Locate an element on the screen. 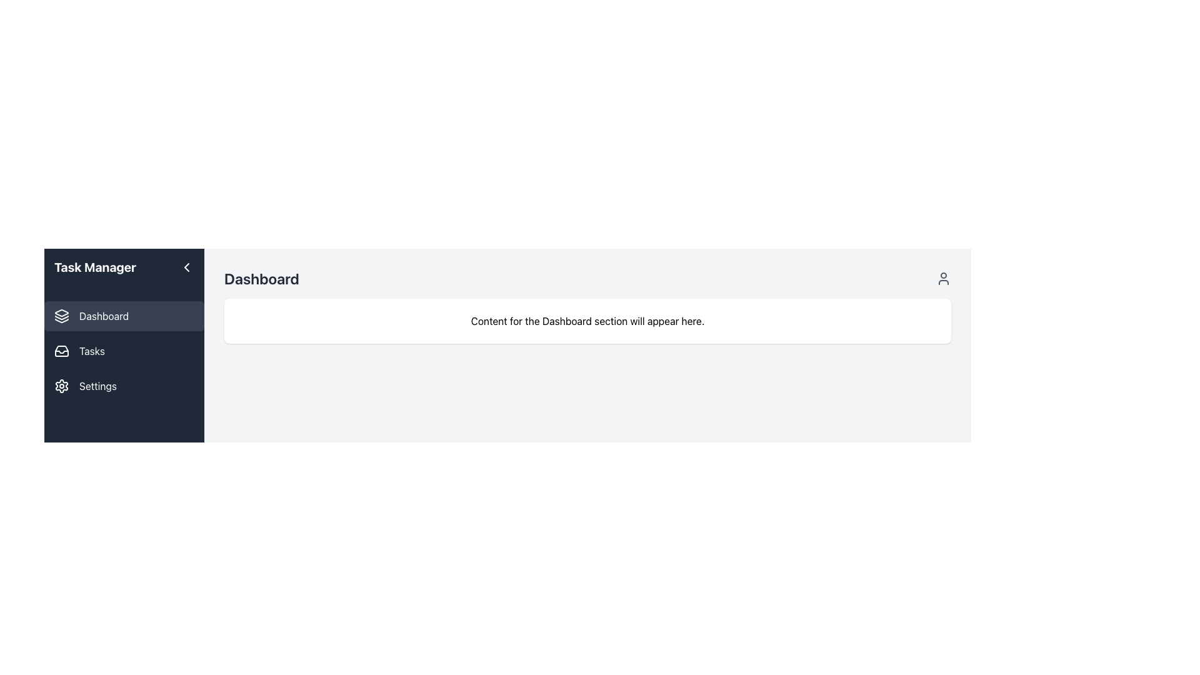  the inbox tray icon located on the left sidebar, under the 'Tasks' title and before the 'Settings' option is located at coordinates (61, 351).